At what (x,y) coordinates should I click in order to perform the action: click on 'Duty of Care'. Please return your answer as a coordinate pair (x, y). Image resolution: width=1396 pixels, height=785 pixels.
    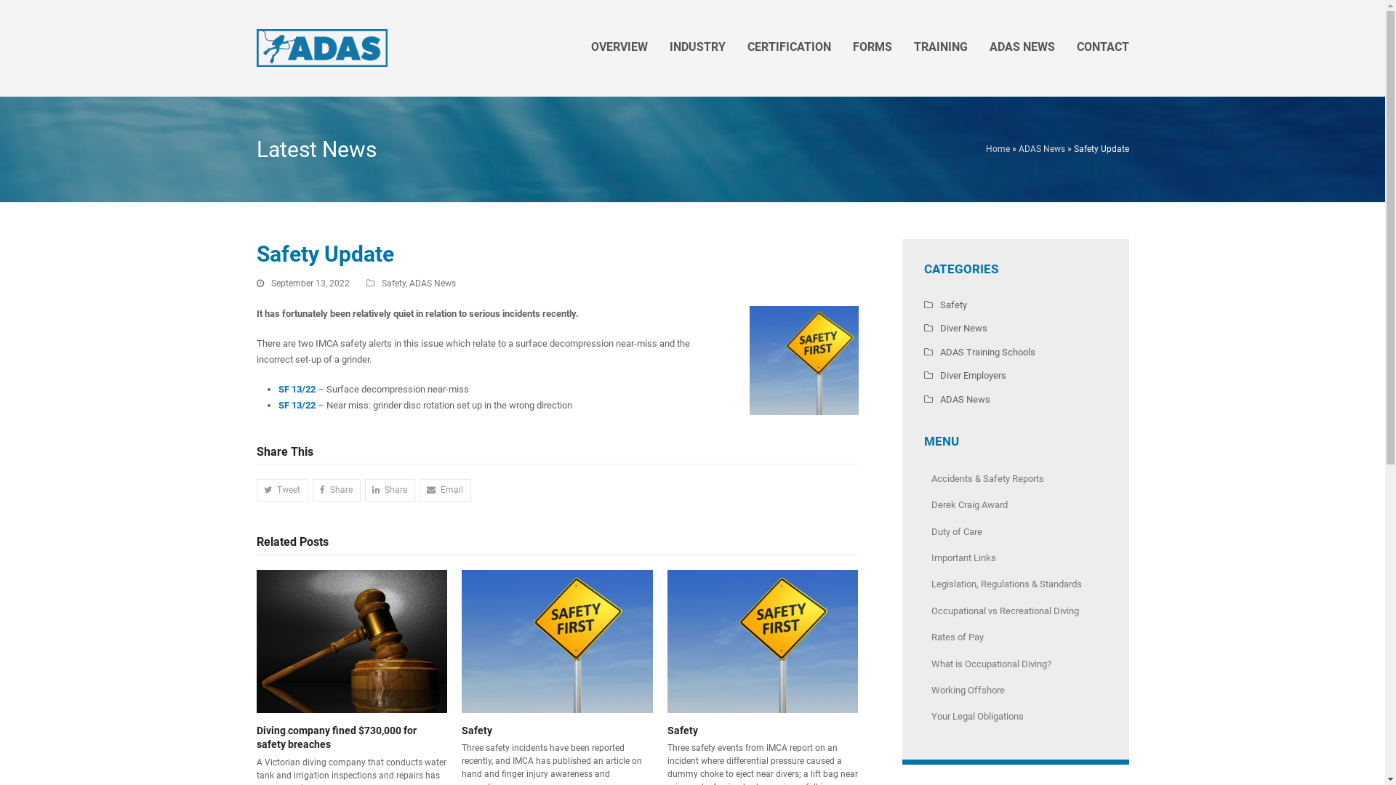
    Looking at the image, I should click on (923, 532).